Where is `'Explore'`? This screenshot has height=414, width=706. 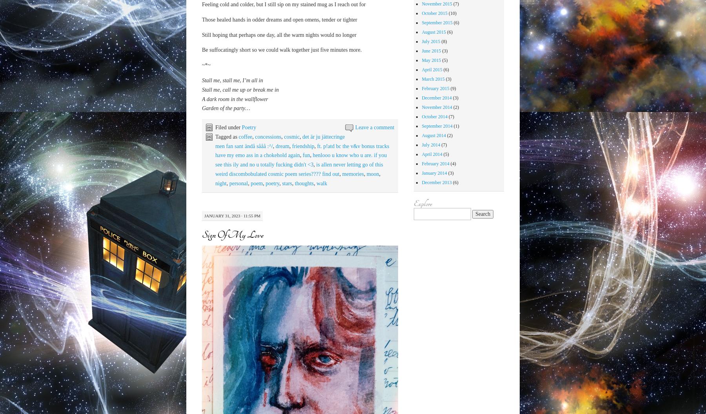
'Explore' is located at coordinates (413, 203).